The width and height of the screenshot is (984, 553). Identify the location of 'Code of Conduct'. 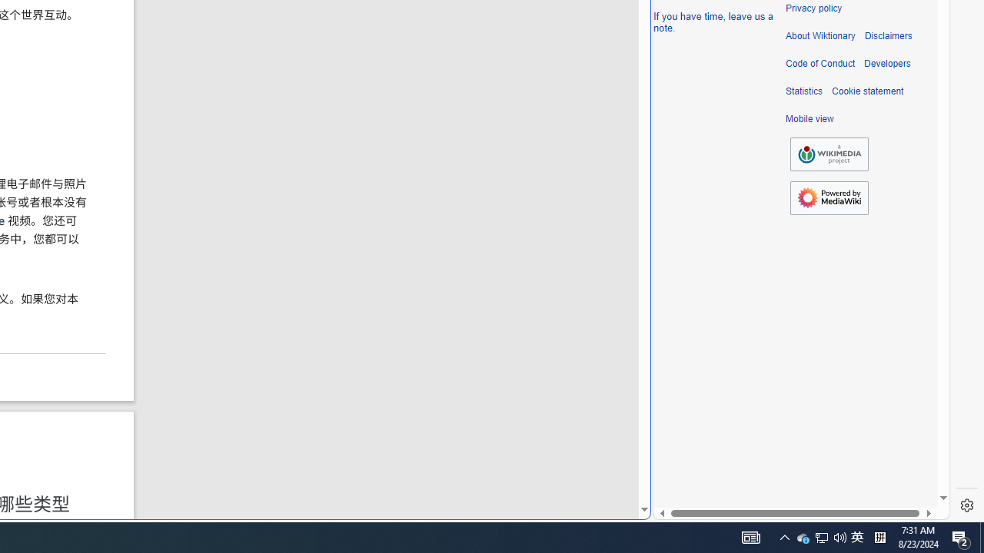
(819, 63).